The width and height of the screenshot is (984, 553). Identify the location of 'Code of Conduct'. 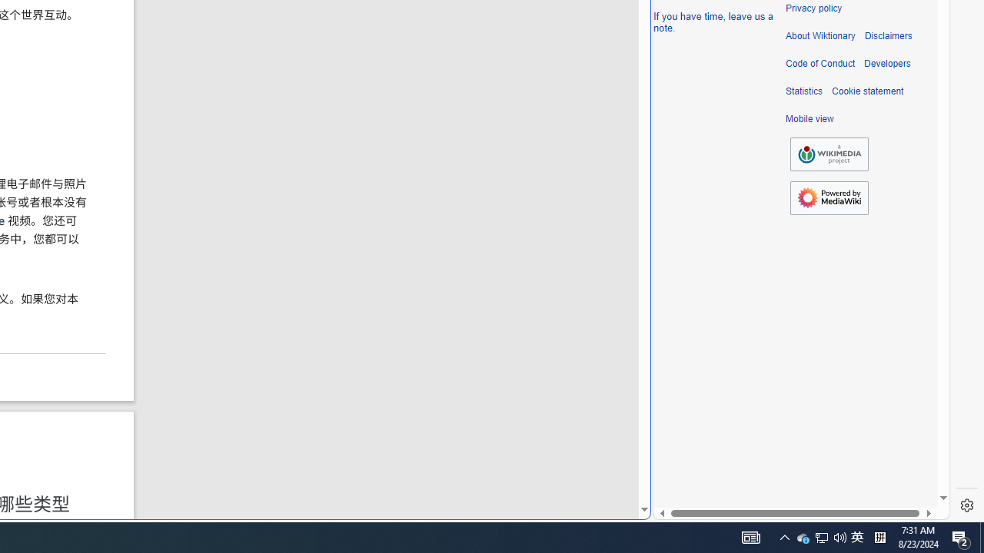
(819, 63).